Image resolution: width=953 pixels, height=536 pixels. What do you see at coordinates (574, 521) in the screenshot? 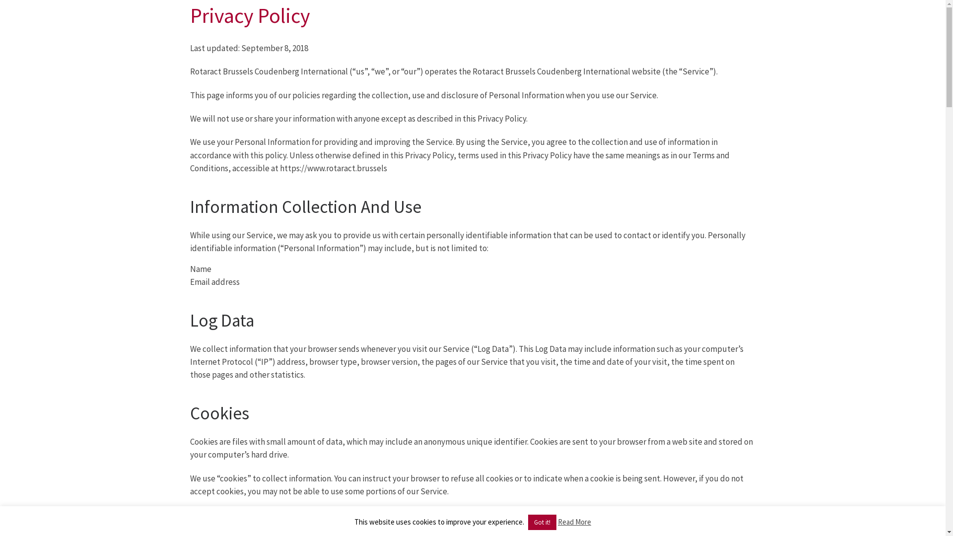
I see `'Read More'` at bounding box center [574, 521].